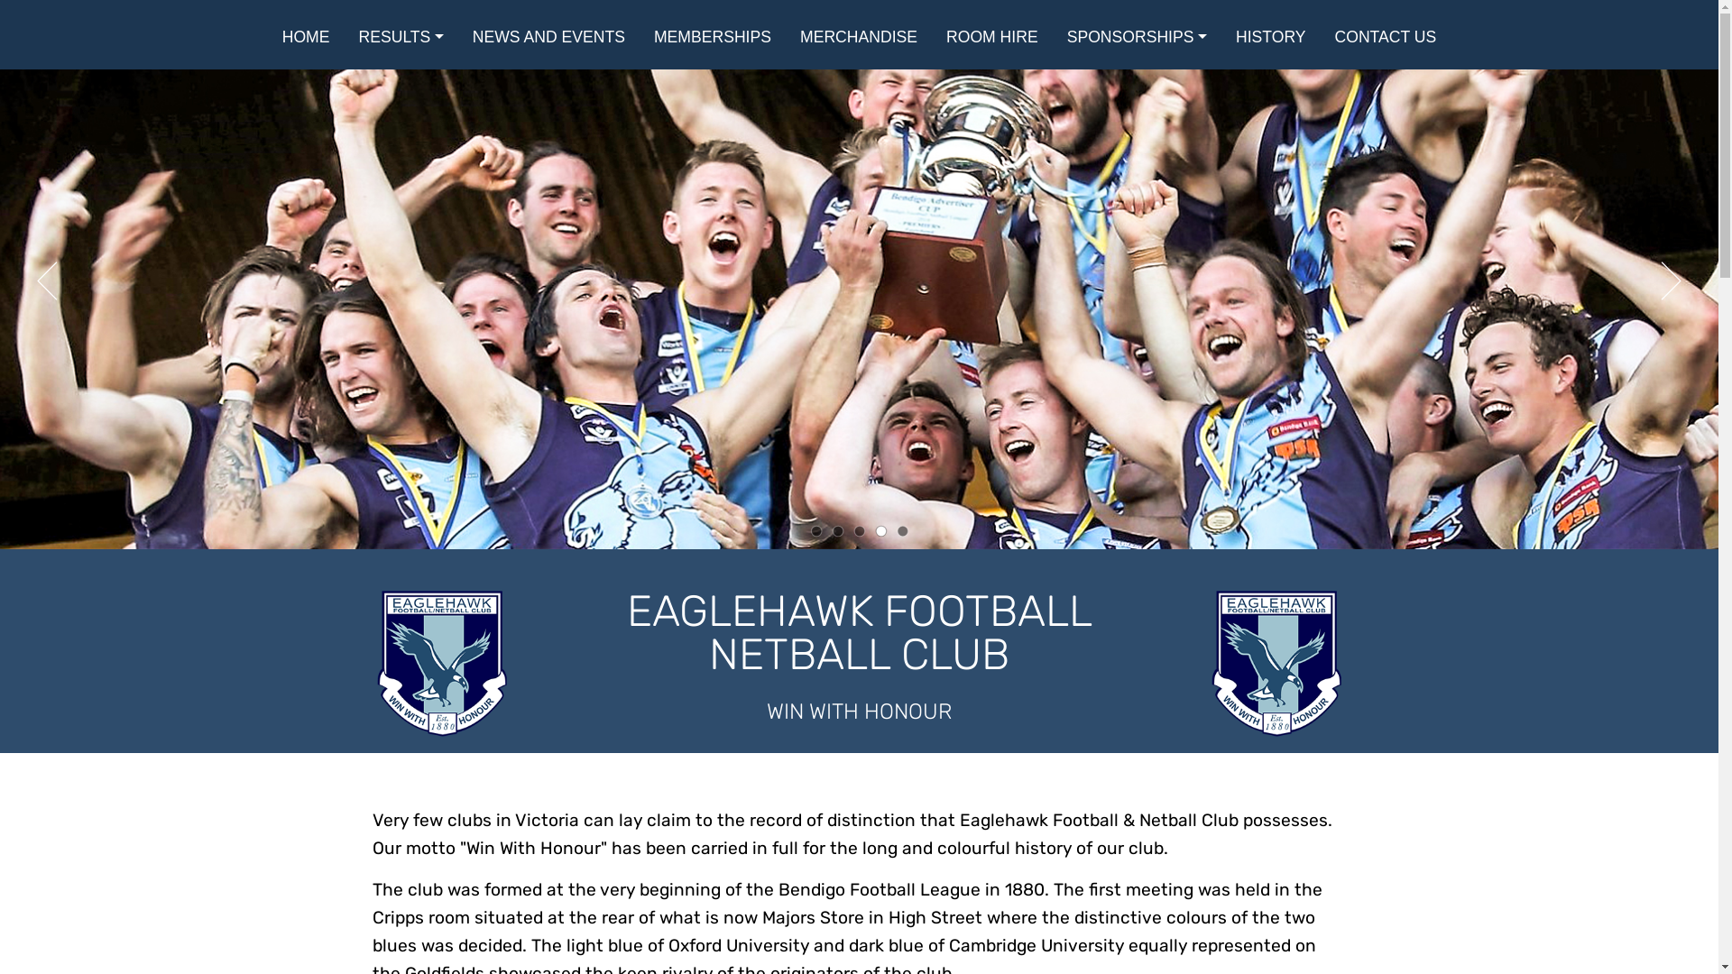 This screenshot has height=974, width=1732. Describe the element at coordinates (712, 37) in the screenshot. I see `'MEMBERSHIPS'` at that location.